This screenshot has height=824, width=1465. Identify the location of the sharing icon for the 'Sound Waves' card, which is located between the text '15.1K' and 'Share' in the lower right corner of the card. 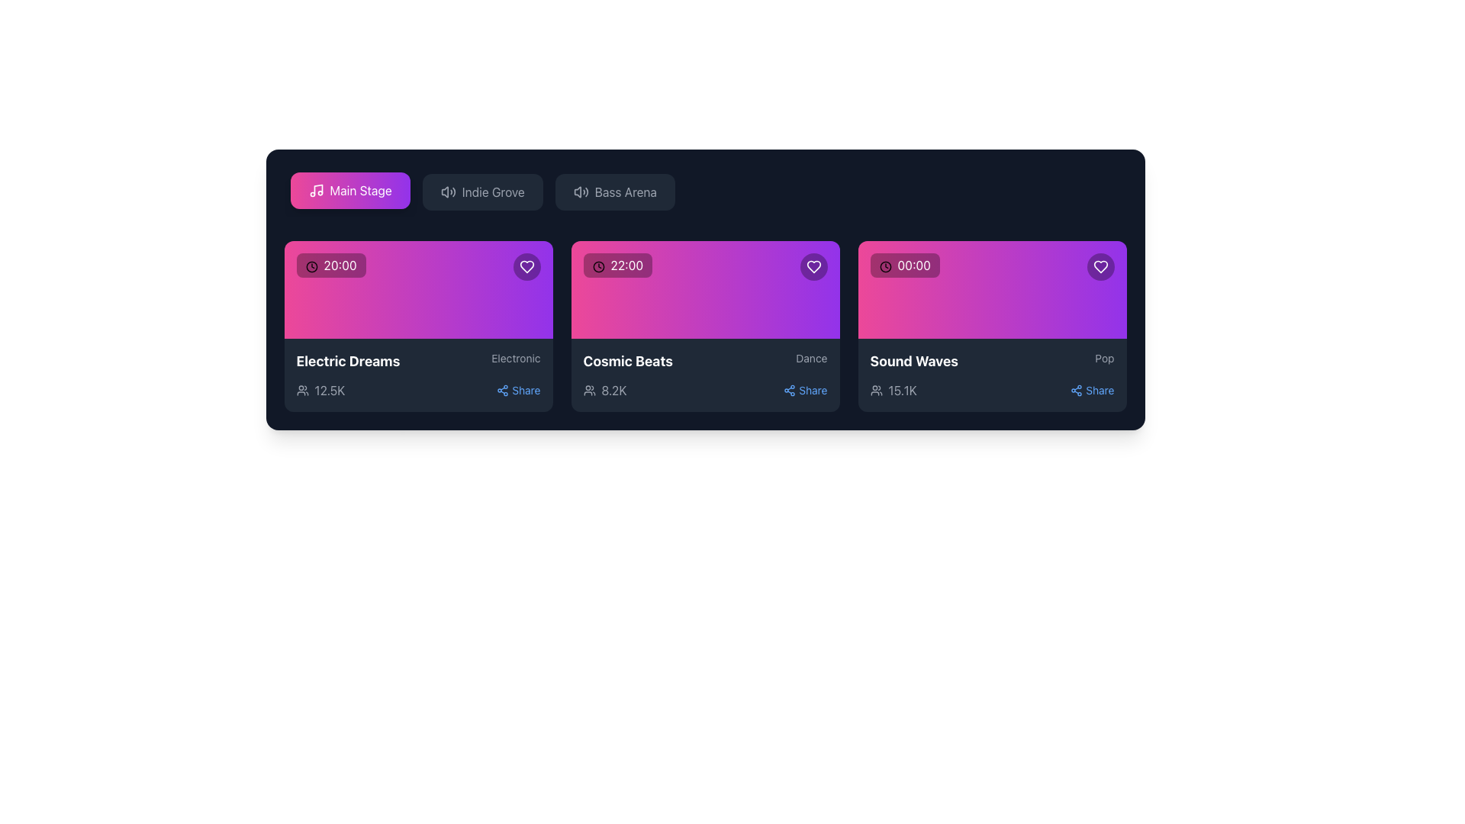
(1076, 390).